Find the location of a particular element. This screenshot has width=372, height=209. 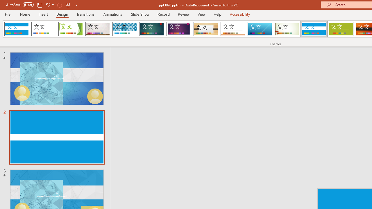

'Office Theme' is located at coordinates (43, 29).